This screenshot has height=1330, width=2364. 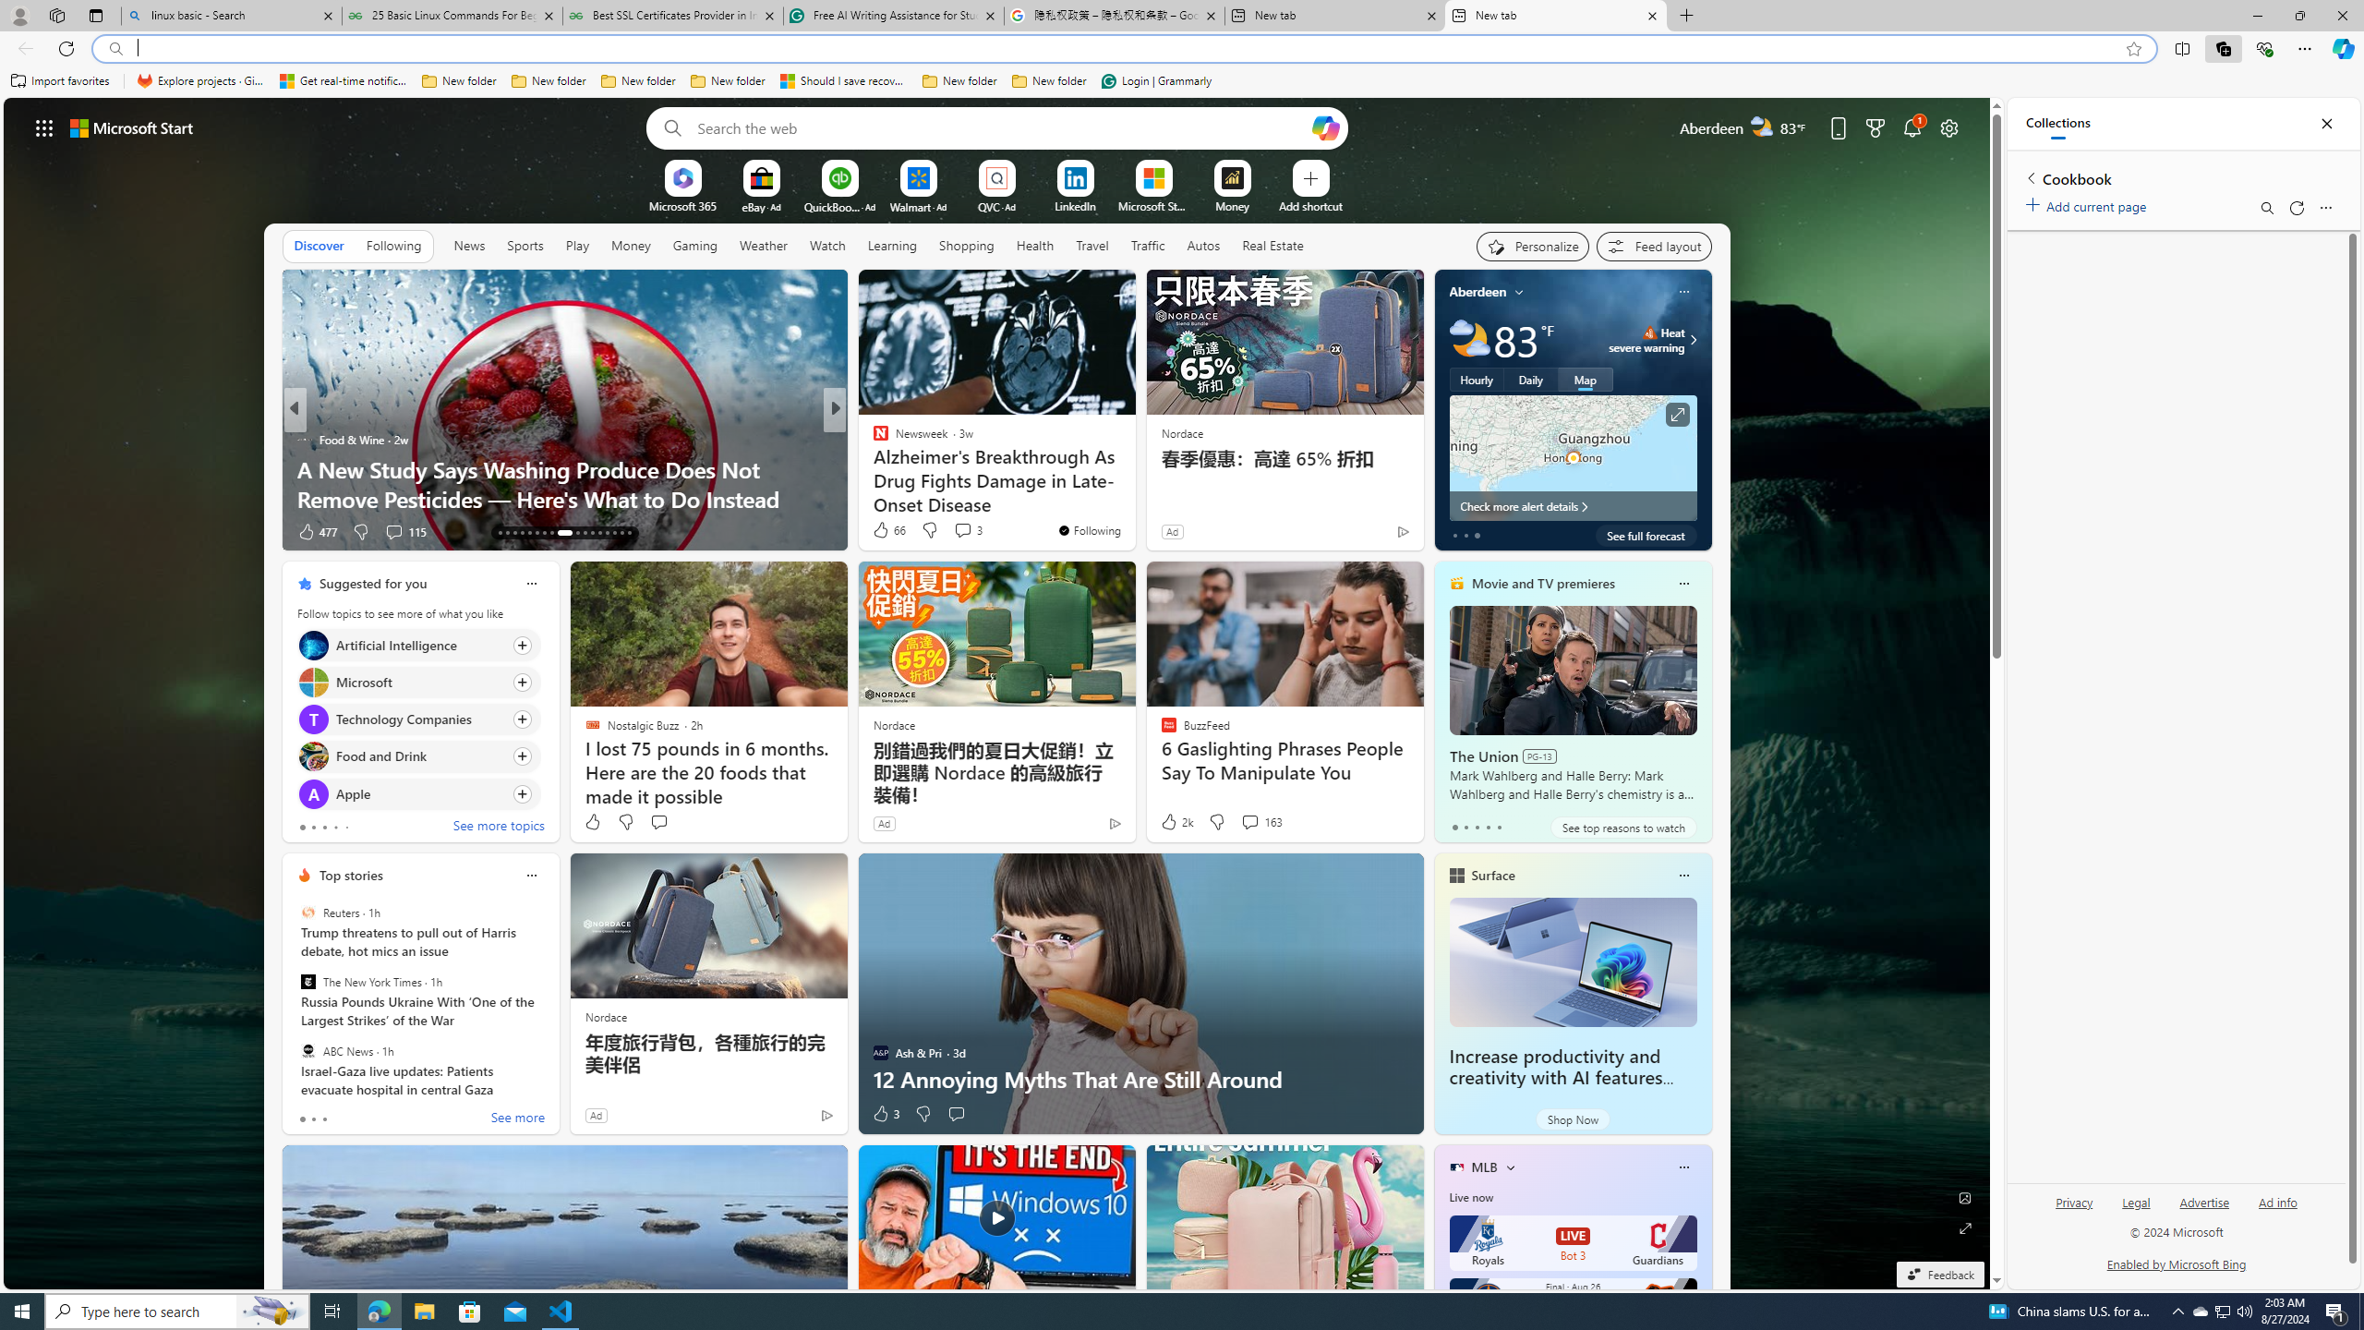 What do you see at coordinates (1520, 291) in the screenshot?
I see `'My location'` at bounding box center [1520, 291].